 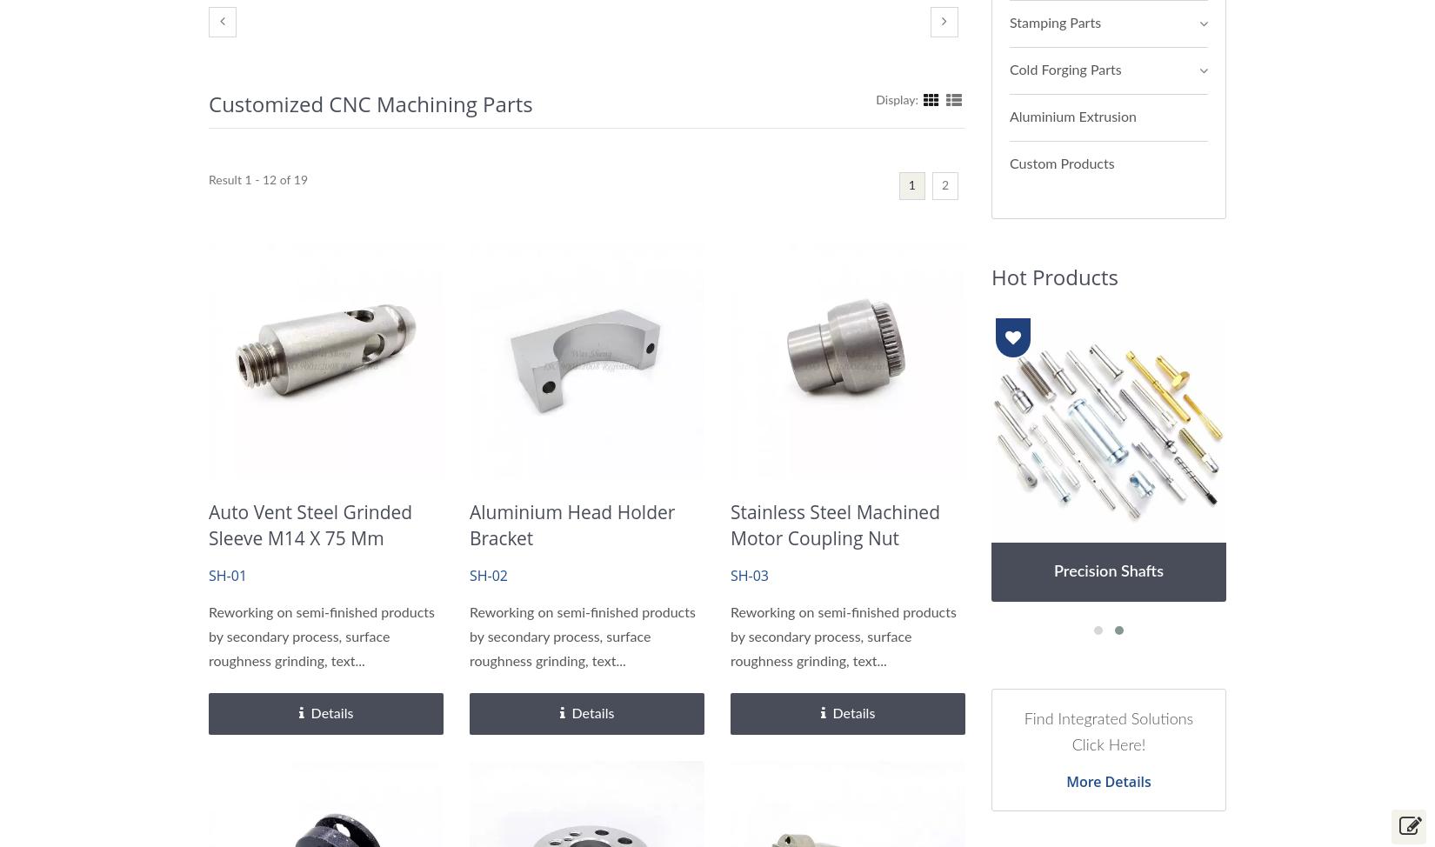 I want to click on '1', so click(x=911, y=185).